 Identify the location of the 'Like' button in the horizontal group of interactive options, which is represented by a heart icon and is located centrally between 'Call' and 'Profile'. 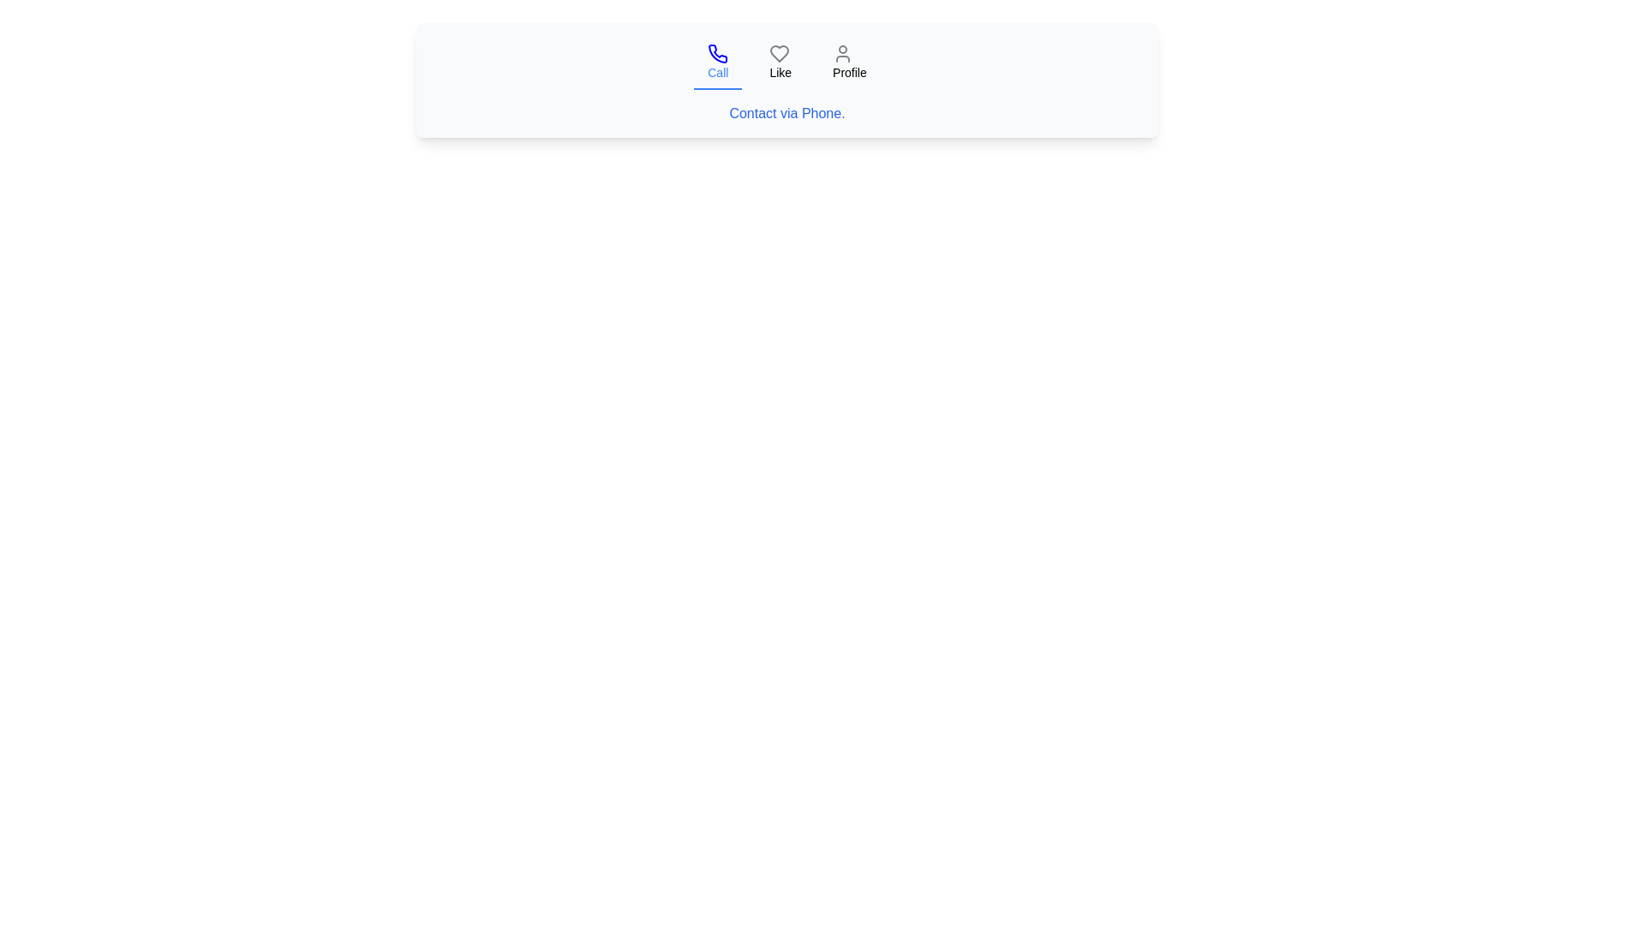
(786, 62).